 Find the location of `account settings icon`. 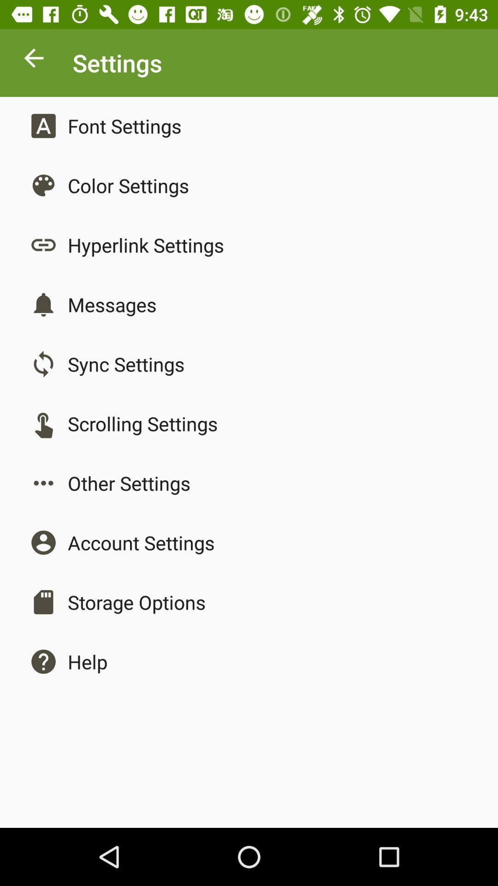

account settings icon is located at coordinates (141, 543).